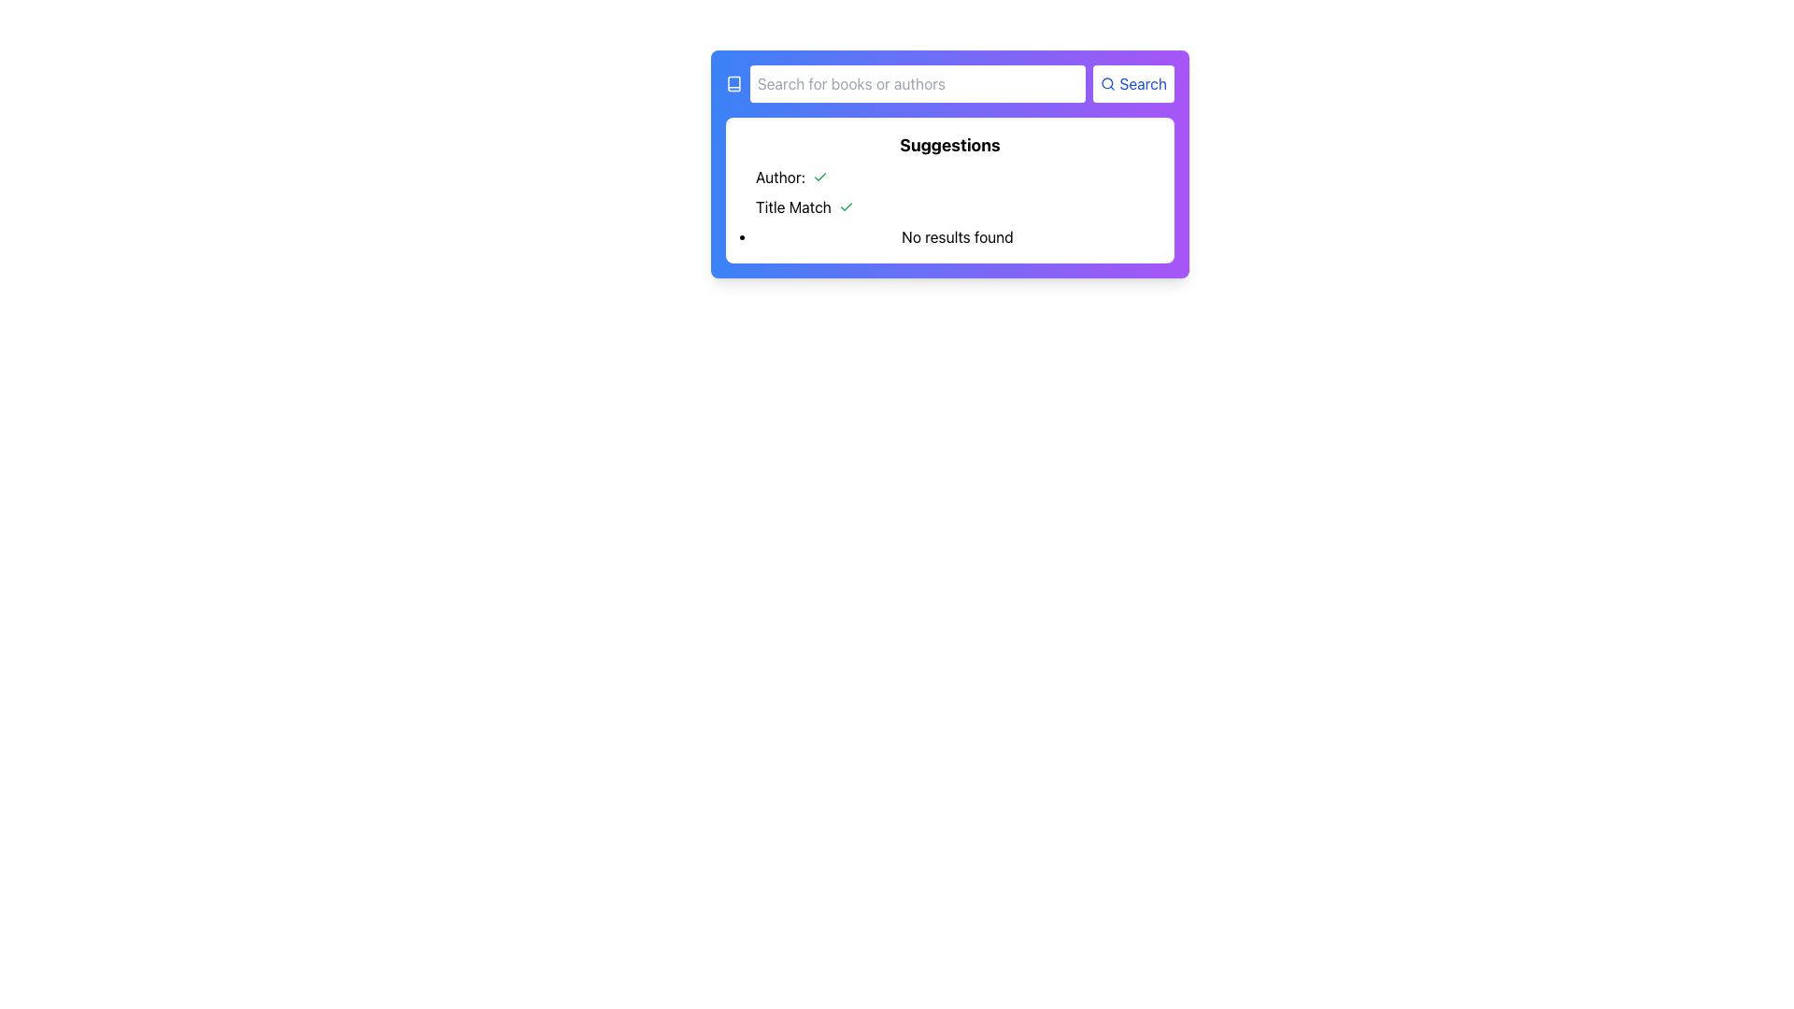 This screenshot has height=1009, width=1794. I want to click on the text input field used for searching books or authors to focus on it, so click(918, 82).